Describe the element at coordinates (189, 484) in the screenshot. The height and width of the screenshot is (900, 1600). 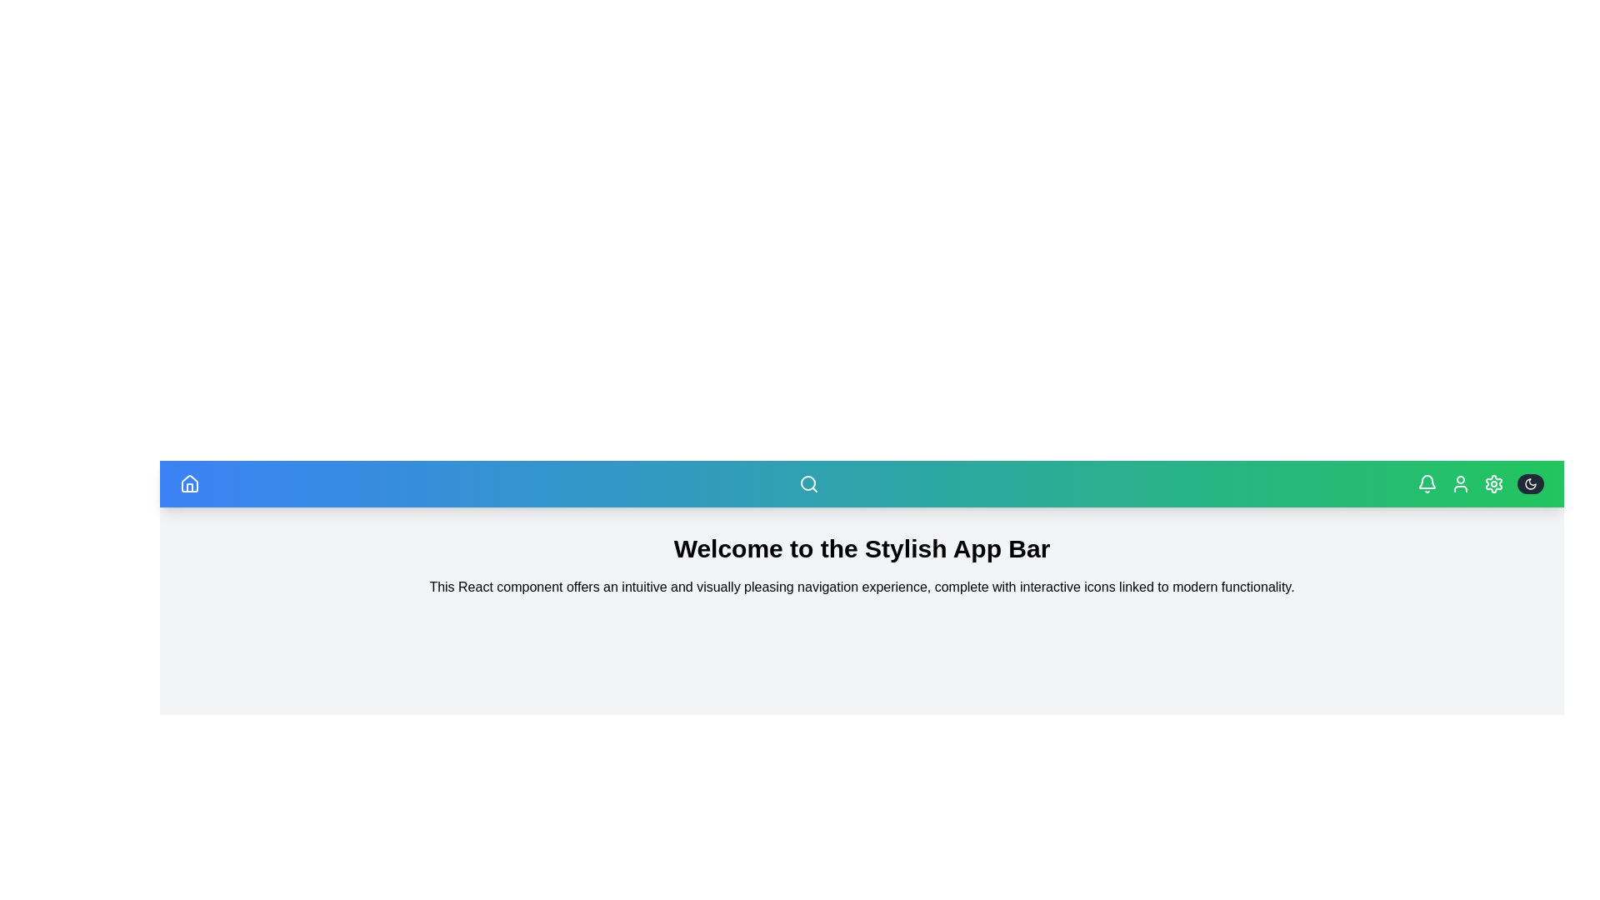
I see `Home icon to navigate to the home page` at that location.